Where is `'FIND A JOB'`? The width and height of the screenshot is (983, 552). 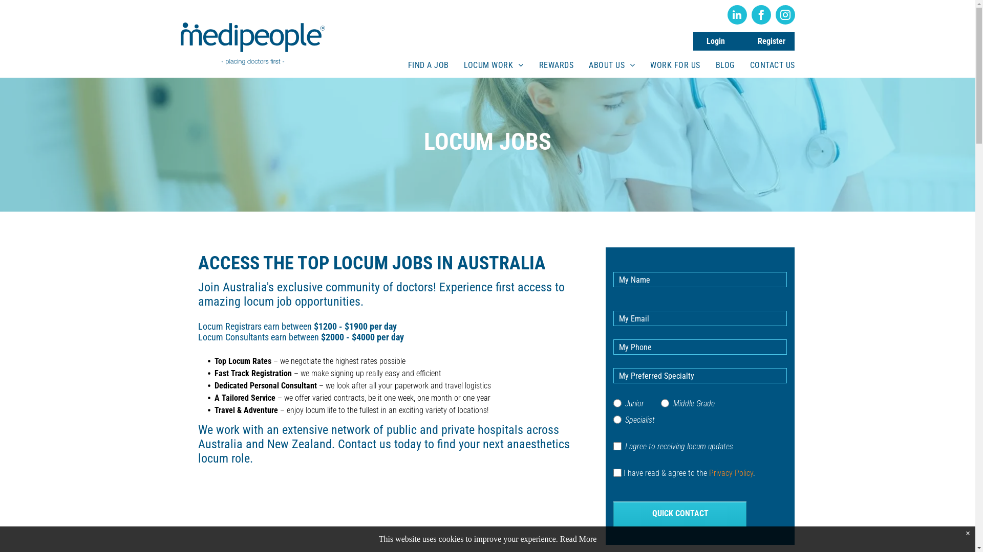 'FIND A JOB' is located at coordinates (428, 65).